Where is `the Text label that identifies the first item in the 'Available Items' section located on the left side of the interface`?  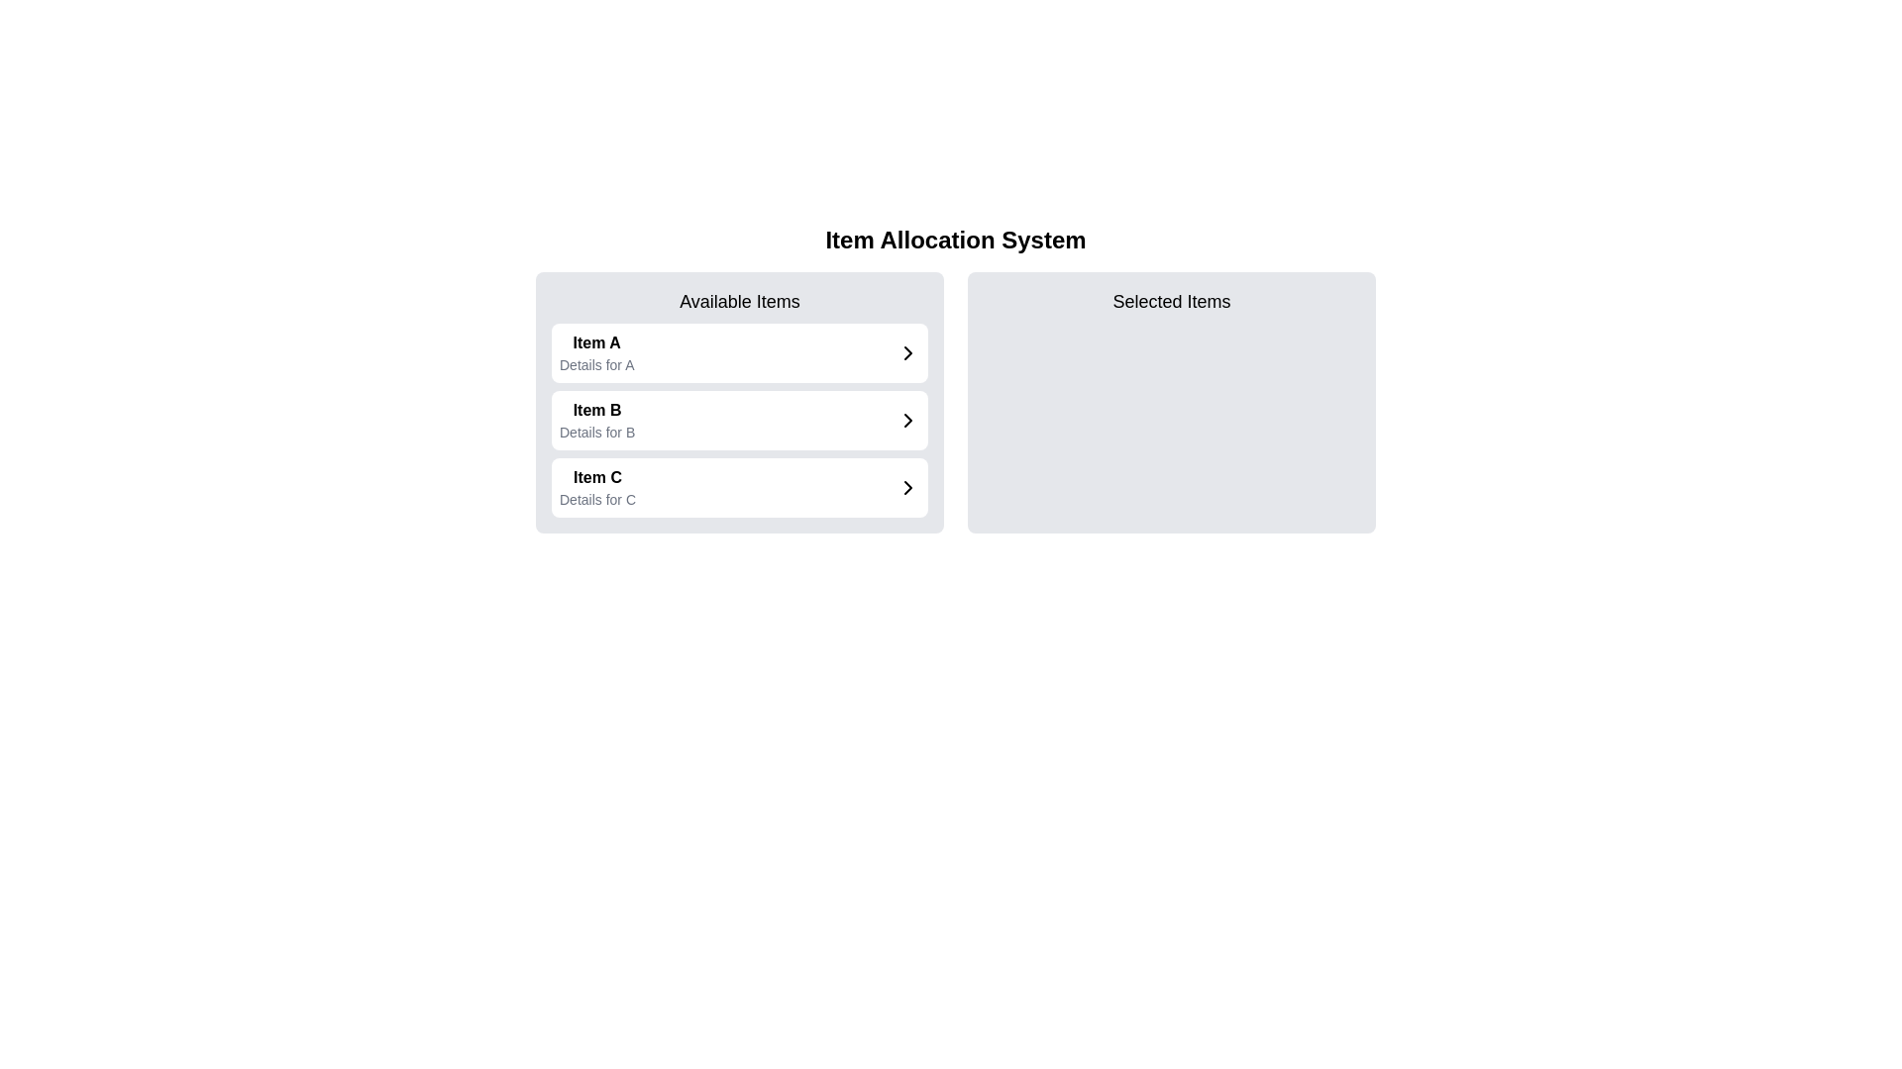 the Text label that identifies the first item in the 'Available Items' section located on the left side of the interface is located at coordinates (595, 342).